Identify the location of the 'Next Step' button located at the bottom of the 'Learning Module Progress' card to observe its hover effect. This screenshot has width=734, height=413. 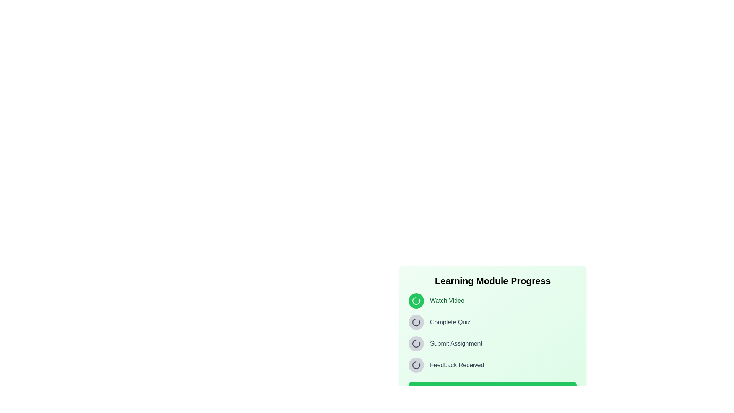
(493, 391).